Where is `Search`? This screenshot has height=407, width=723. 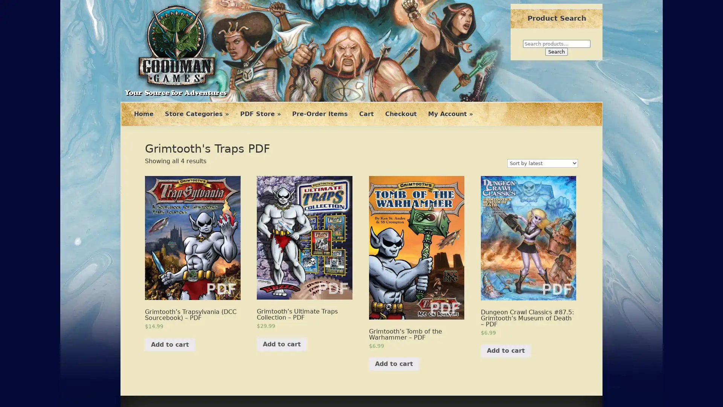 Search is located at coordinates (557, 51).